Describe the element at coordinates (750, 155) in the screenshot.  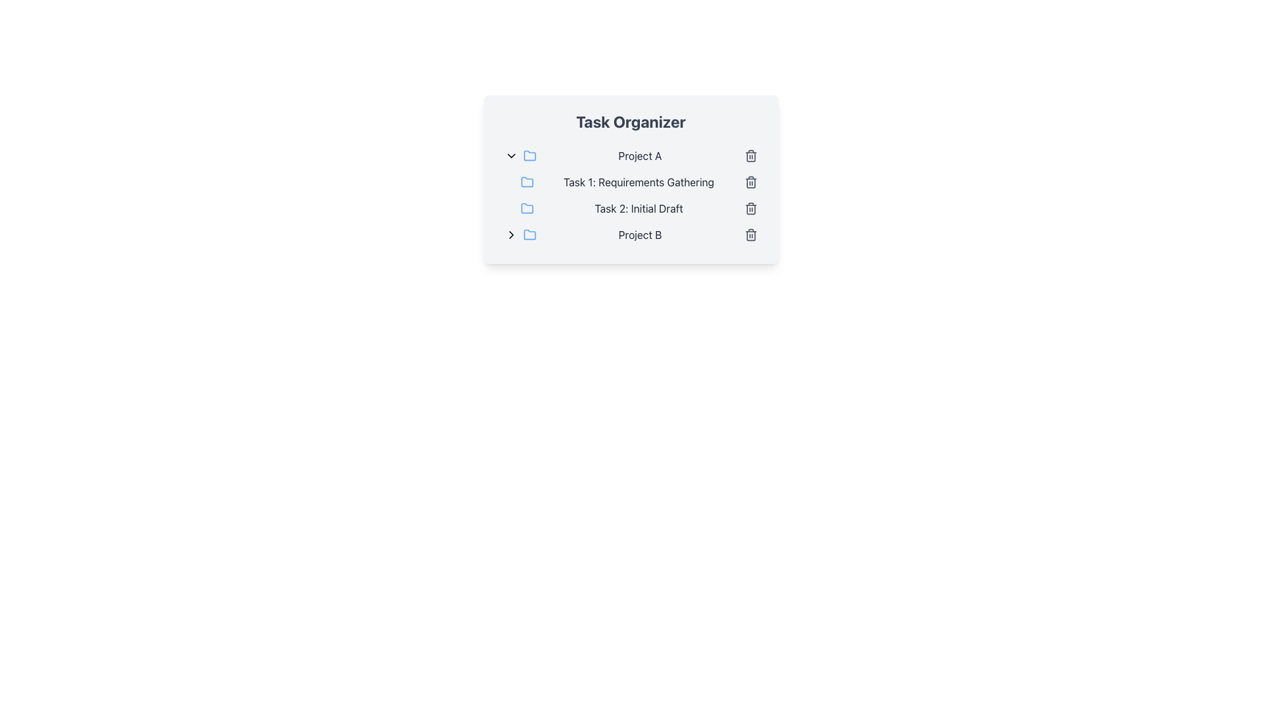
I see `the trash can icon button, which is gray and located next to the text 'Project A'` at that location.